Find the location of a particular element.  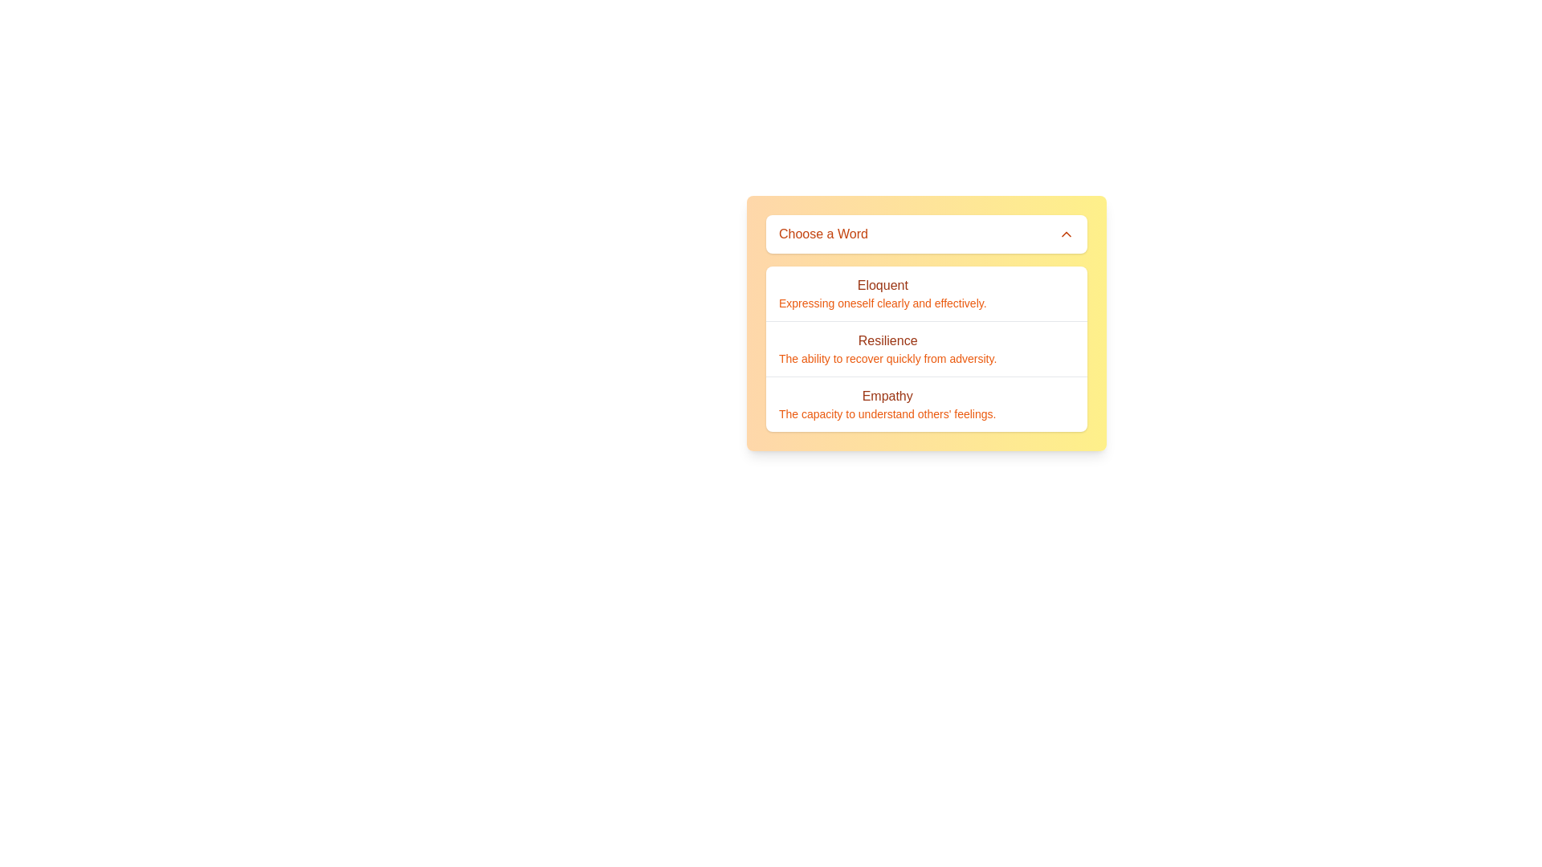

the selectable option for 'Empathy' in the list is located at coordinates (926, 403).